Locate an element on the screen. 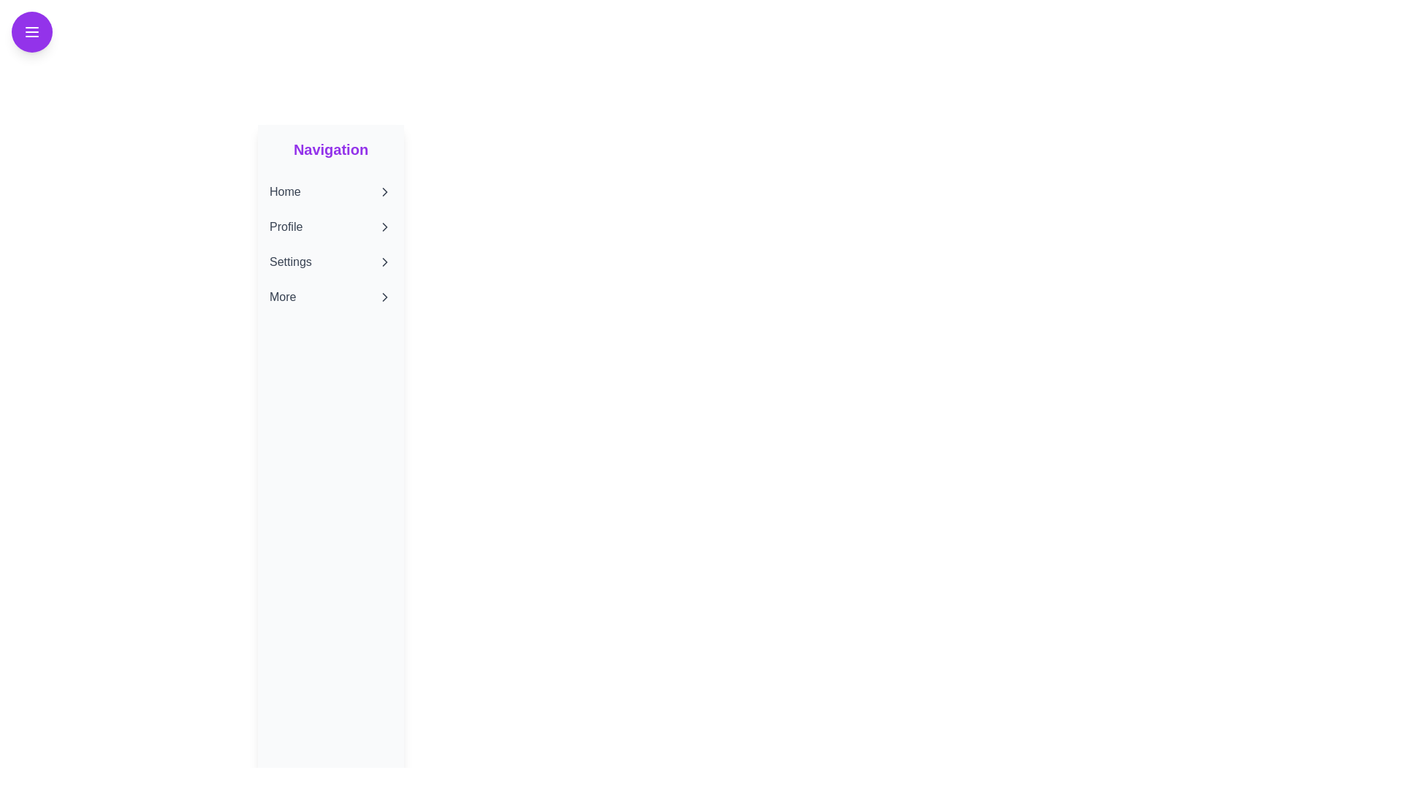  the navigation menu item Home is located at coordinates (330, 191).